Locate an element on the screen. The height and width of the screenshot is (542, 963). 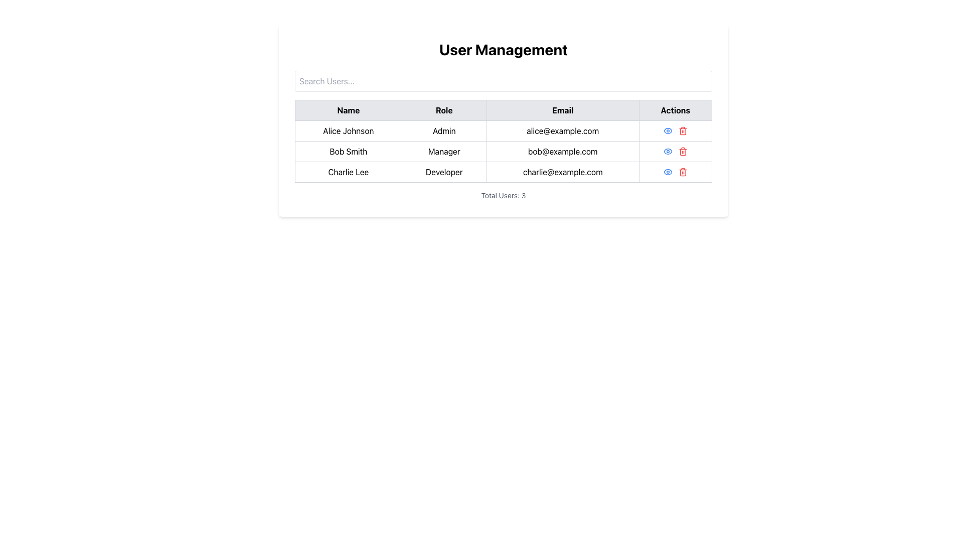
the 'eye' icon in the 'Actions' column of the first user row in the user management table is located at coordinates (668, 151).